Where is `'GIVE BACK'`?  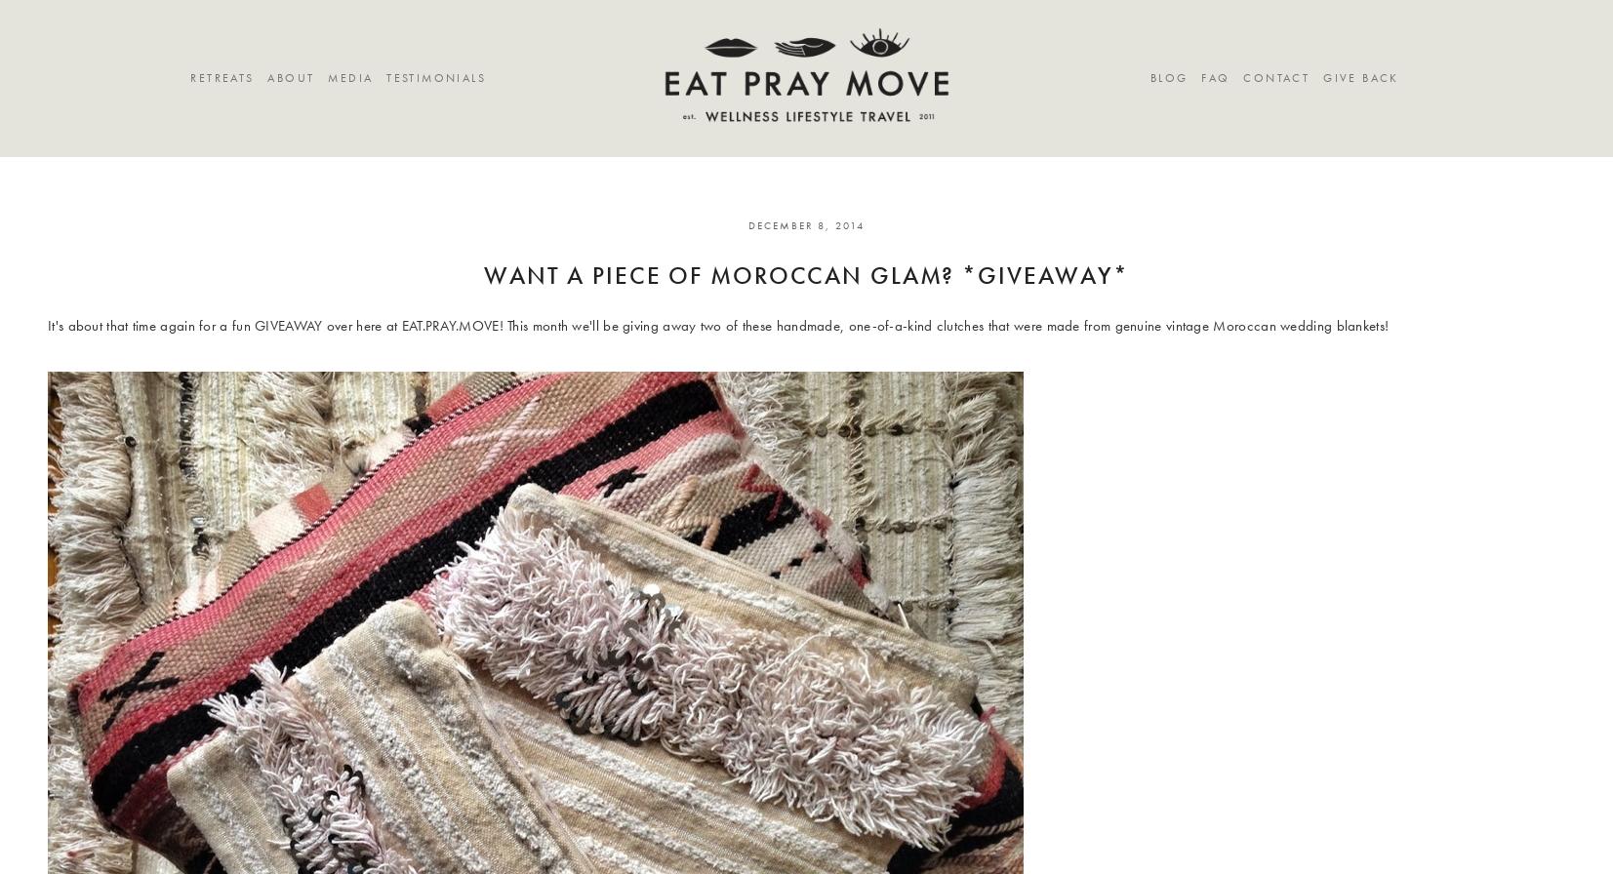 'GIVE BACK' is located at coordinates (1322, 78).